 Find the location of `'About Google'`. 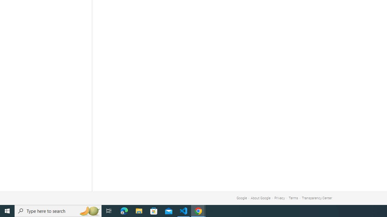

'About Google' is located at coordinates (261, 198).